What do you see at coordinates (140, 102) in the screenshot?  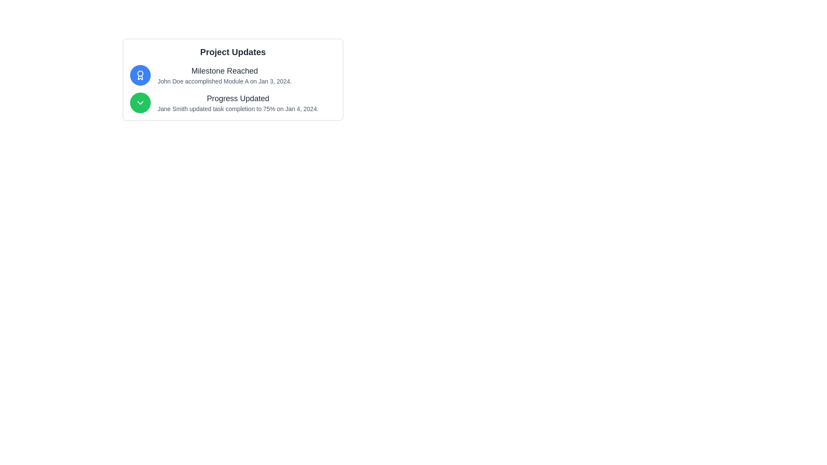 I see `the circular icon located to the left of the text description 'Progress Updated Jane Smith updated task completion to 75% on Jan 4, 2024.'` at bounding box center [140, 102].